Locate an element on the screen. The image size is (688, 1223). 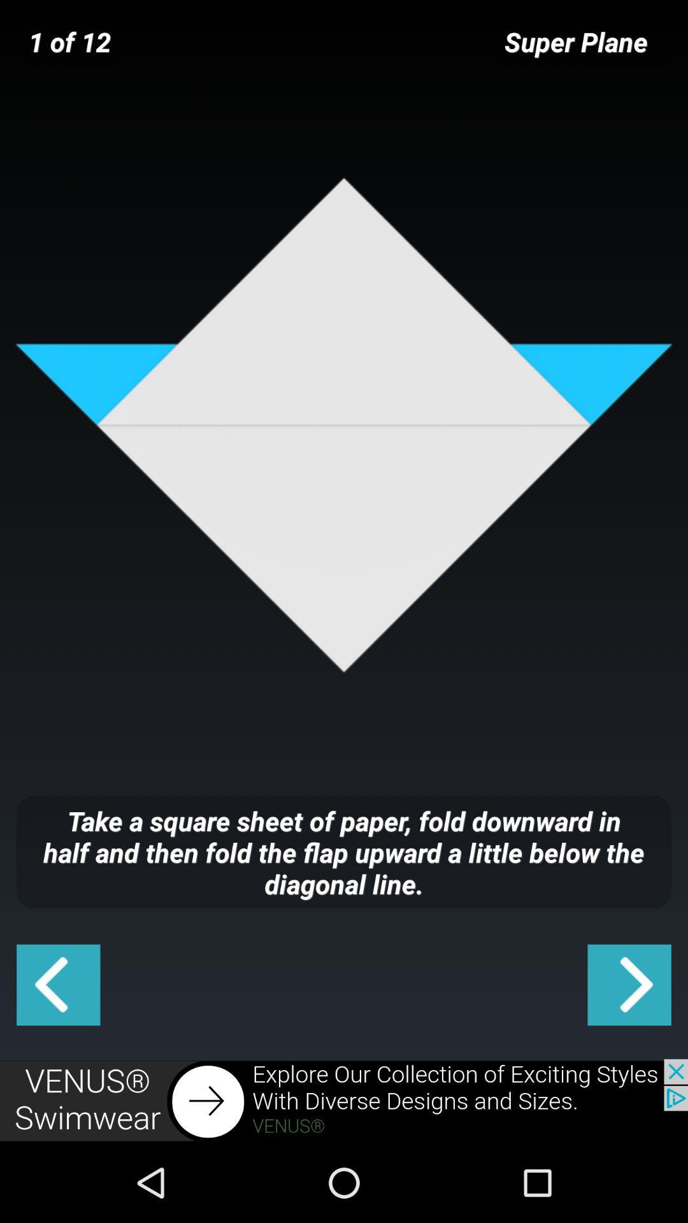
clickable advertisement is located at coordinates (344, 1100).